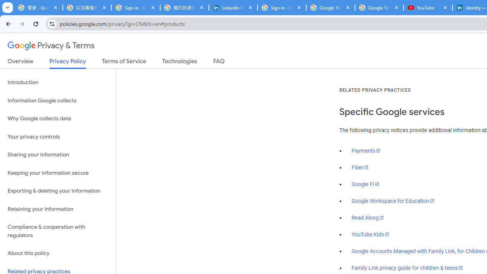  Describe the element at coordinates (51, 46) in the screenshot. I see `'Privacy & Terms'` at that location.